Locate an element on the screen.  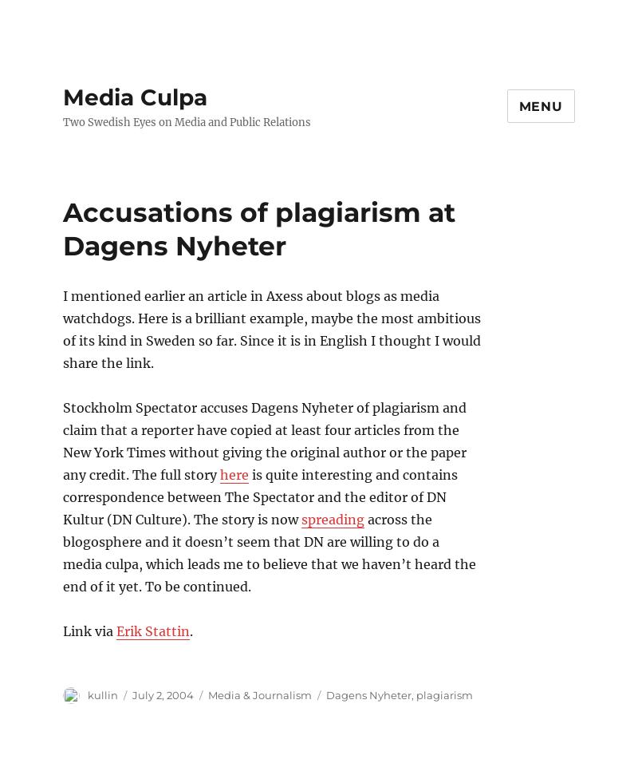
'Menu' is located at coordinates (540, 106).